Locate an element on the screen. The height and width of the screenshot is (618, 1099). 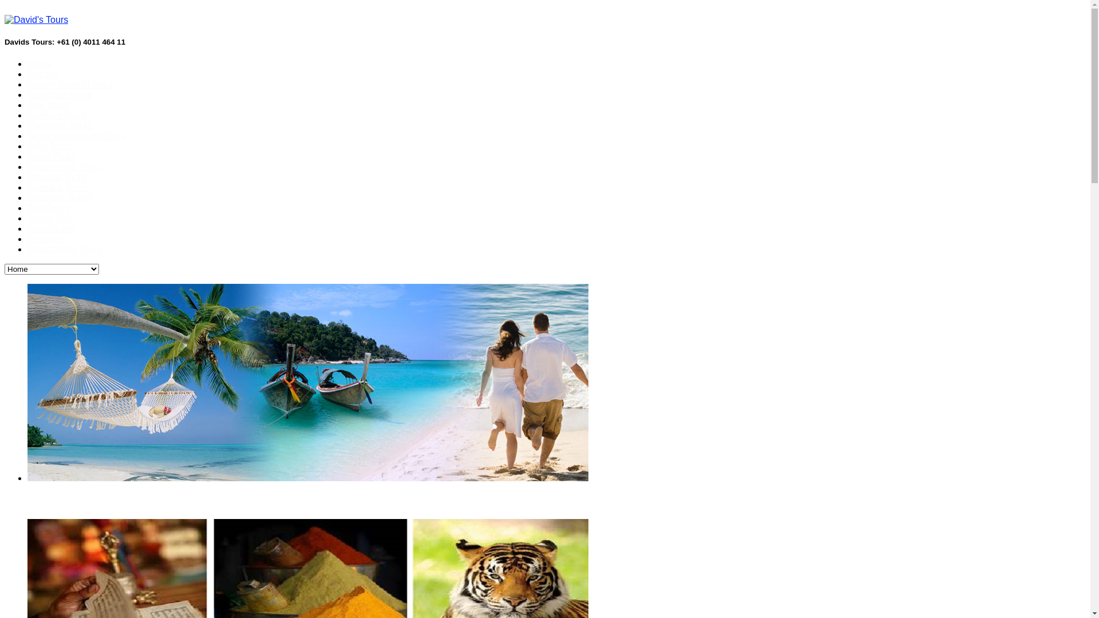
'Business Travel' is located at coordinates (59, 197).